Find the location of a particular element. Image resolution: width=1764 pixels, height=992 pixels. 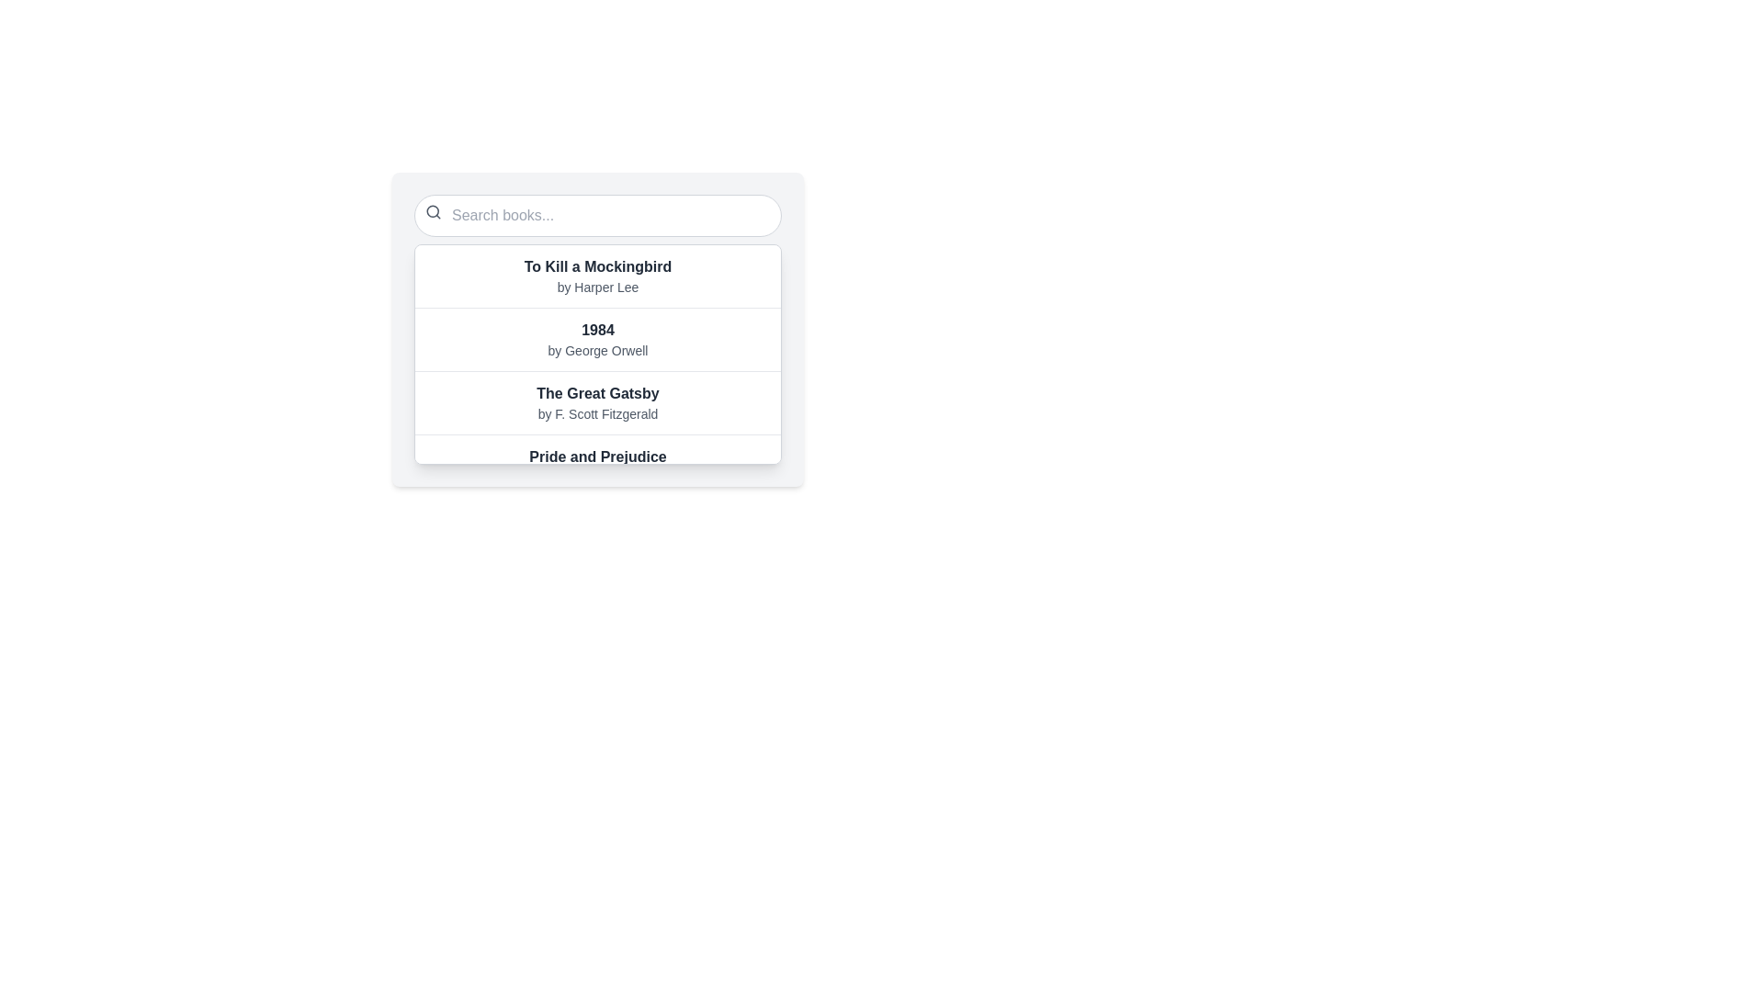

the search icon located at the left side of the search bar, which is associated with initiating a search operation is located at coordinates (432, 211).